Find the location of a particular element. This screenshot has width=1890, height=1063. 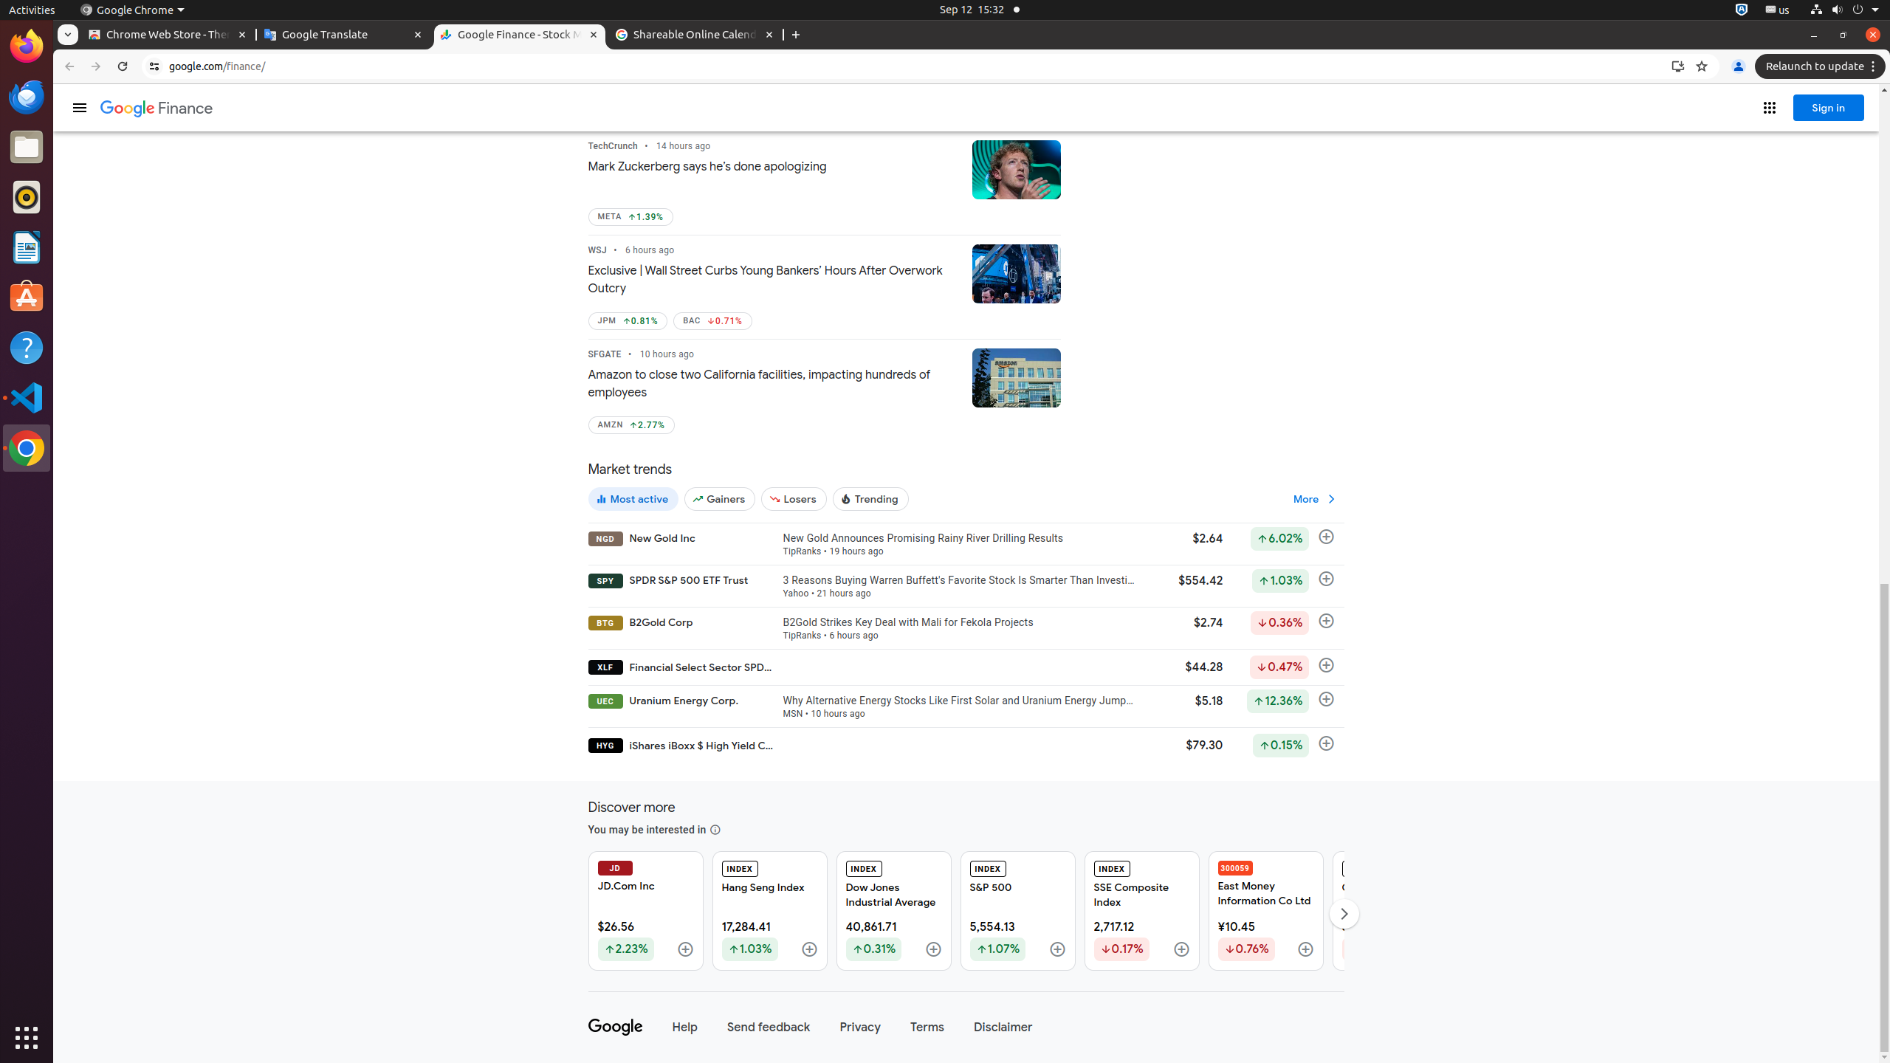

'Sign in' is located at coordinates (1829, 107).